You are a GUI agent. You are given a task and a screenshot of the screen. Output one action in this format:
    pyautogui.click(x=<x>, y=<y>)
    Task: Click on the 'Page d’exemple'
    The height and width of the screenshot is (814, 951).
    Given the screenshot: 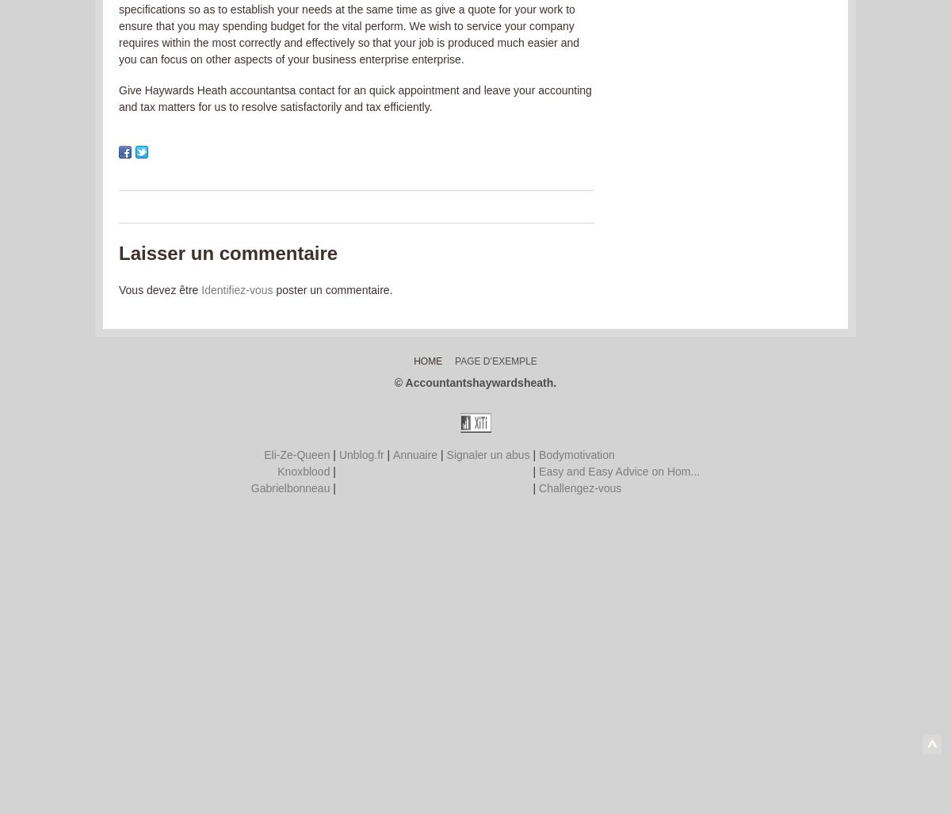 What is the action you would take?
    pyautogui.click(x=495, y=360)
    